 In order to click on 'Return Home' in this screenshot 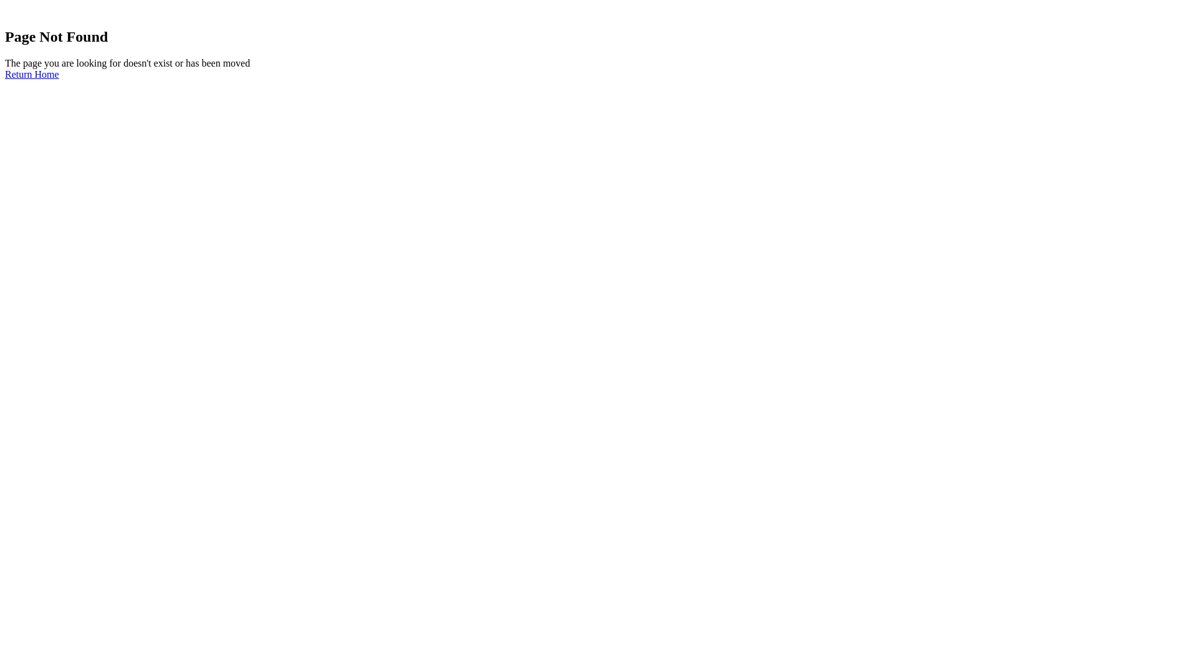, I will do `click(5, 74)`.